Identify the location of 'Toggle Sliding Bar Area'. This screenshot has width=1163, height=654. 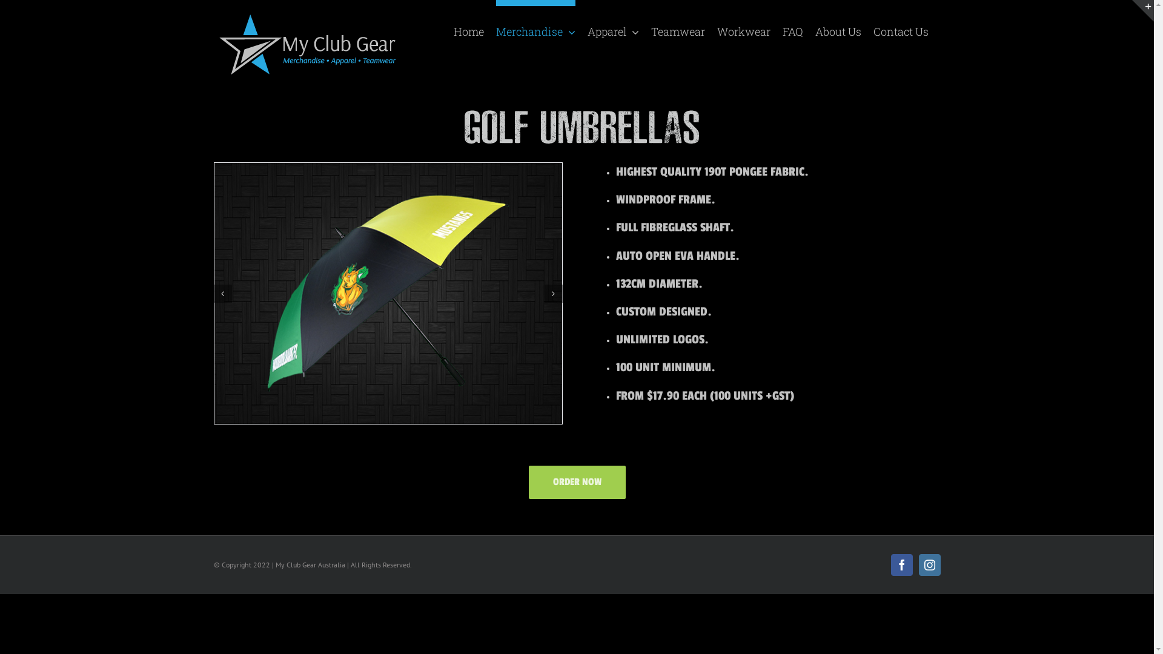
(1142, 11).